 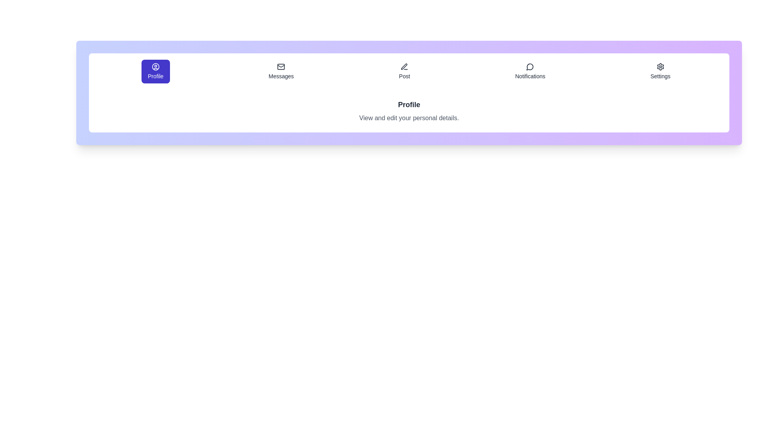 I want to click on the tab labeled Profile to preview its interaction effect, so click(x=155, y=72).